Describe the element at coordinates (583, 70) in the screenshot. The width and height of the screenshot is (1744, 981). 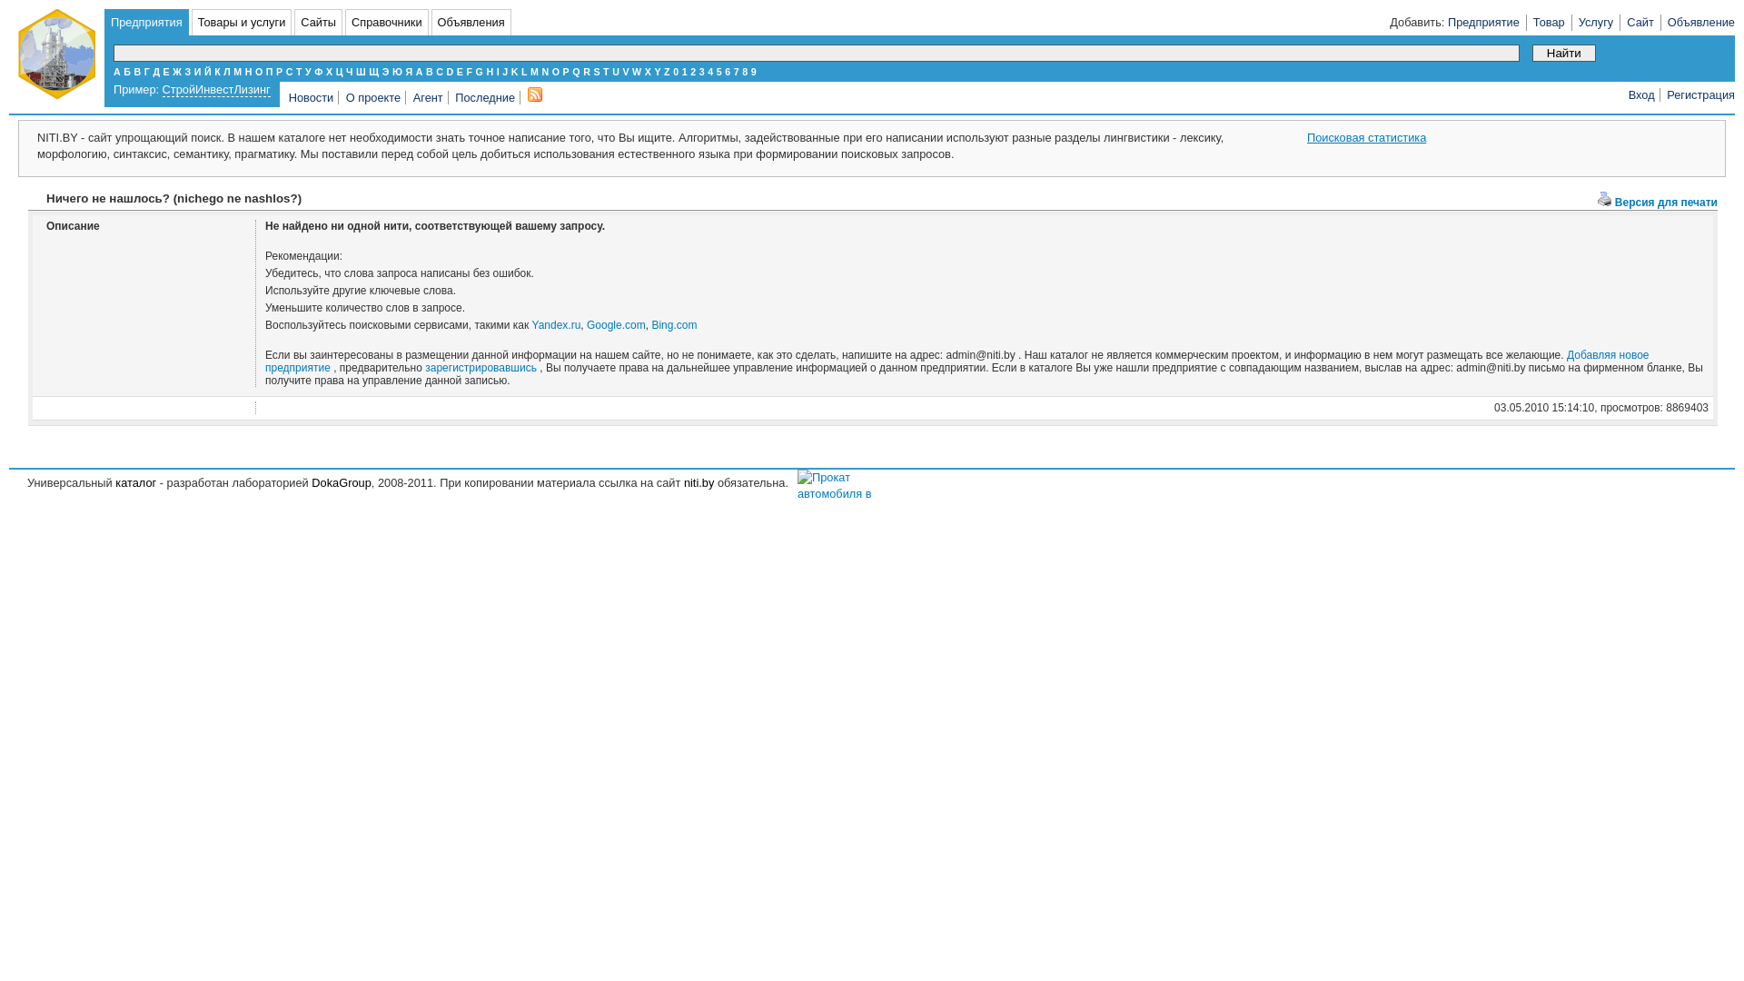
I see `'R'` at that location.